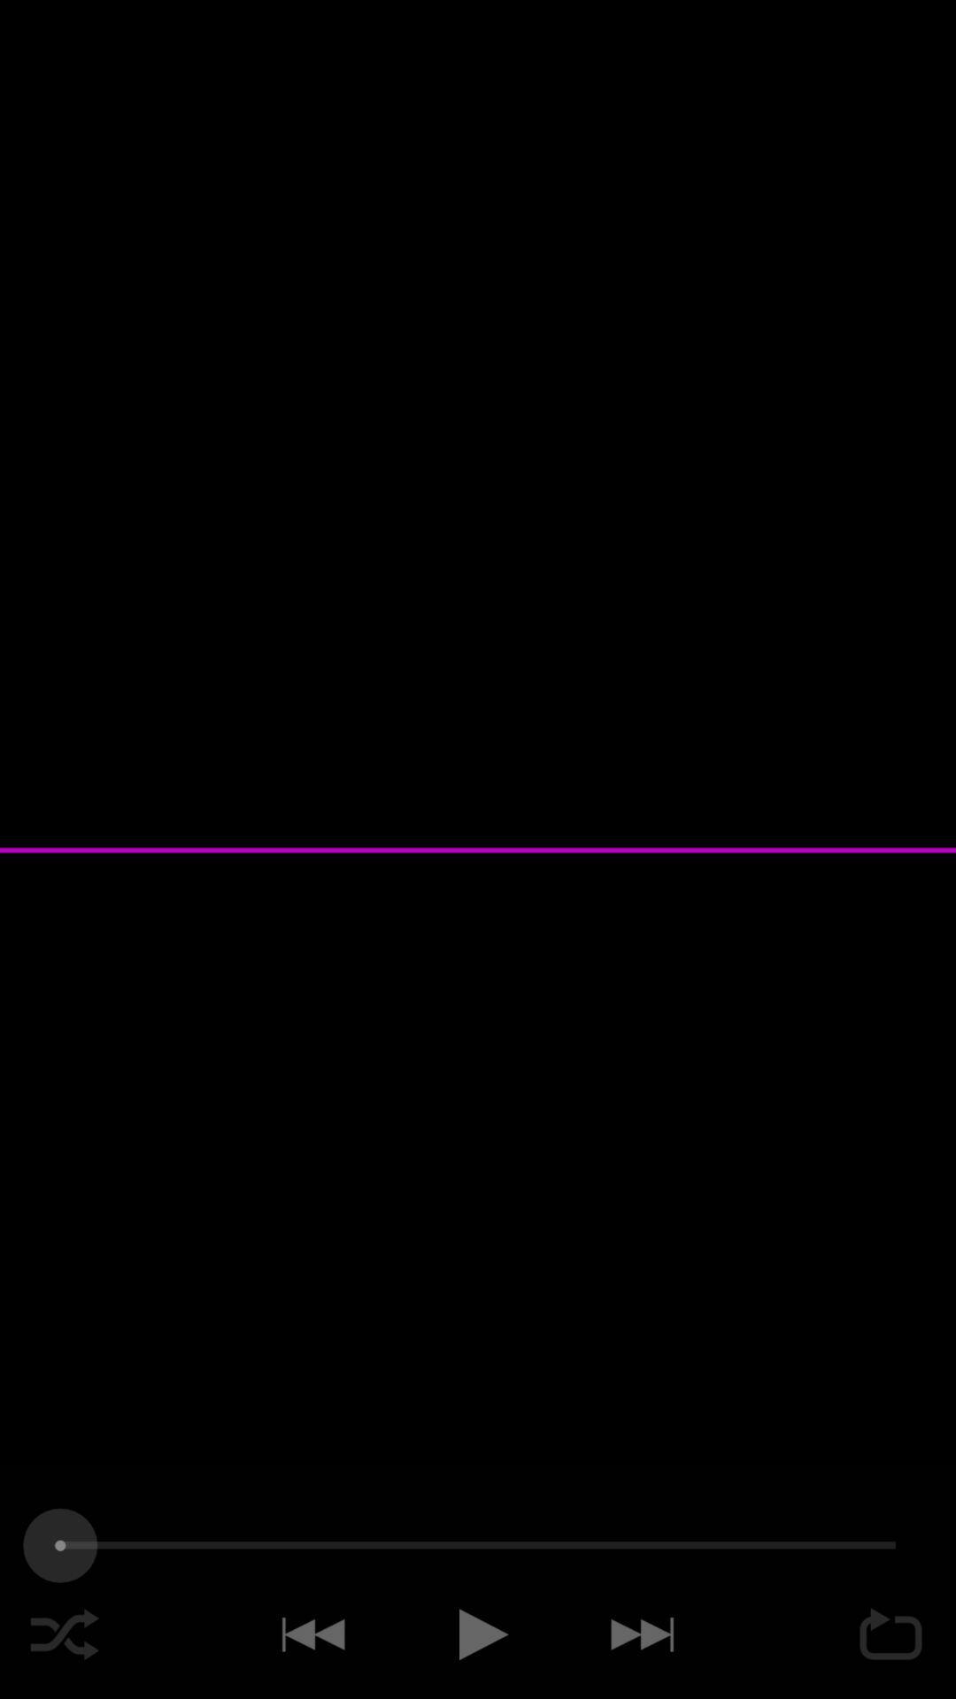 Image resolution: width=956 pixels, height=1699 pixels. What do you see at coordinates (890, 1634) in the screenshot?
I see `the refresh icon` at bounding box center [890, 1634].